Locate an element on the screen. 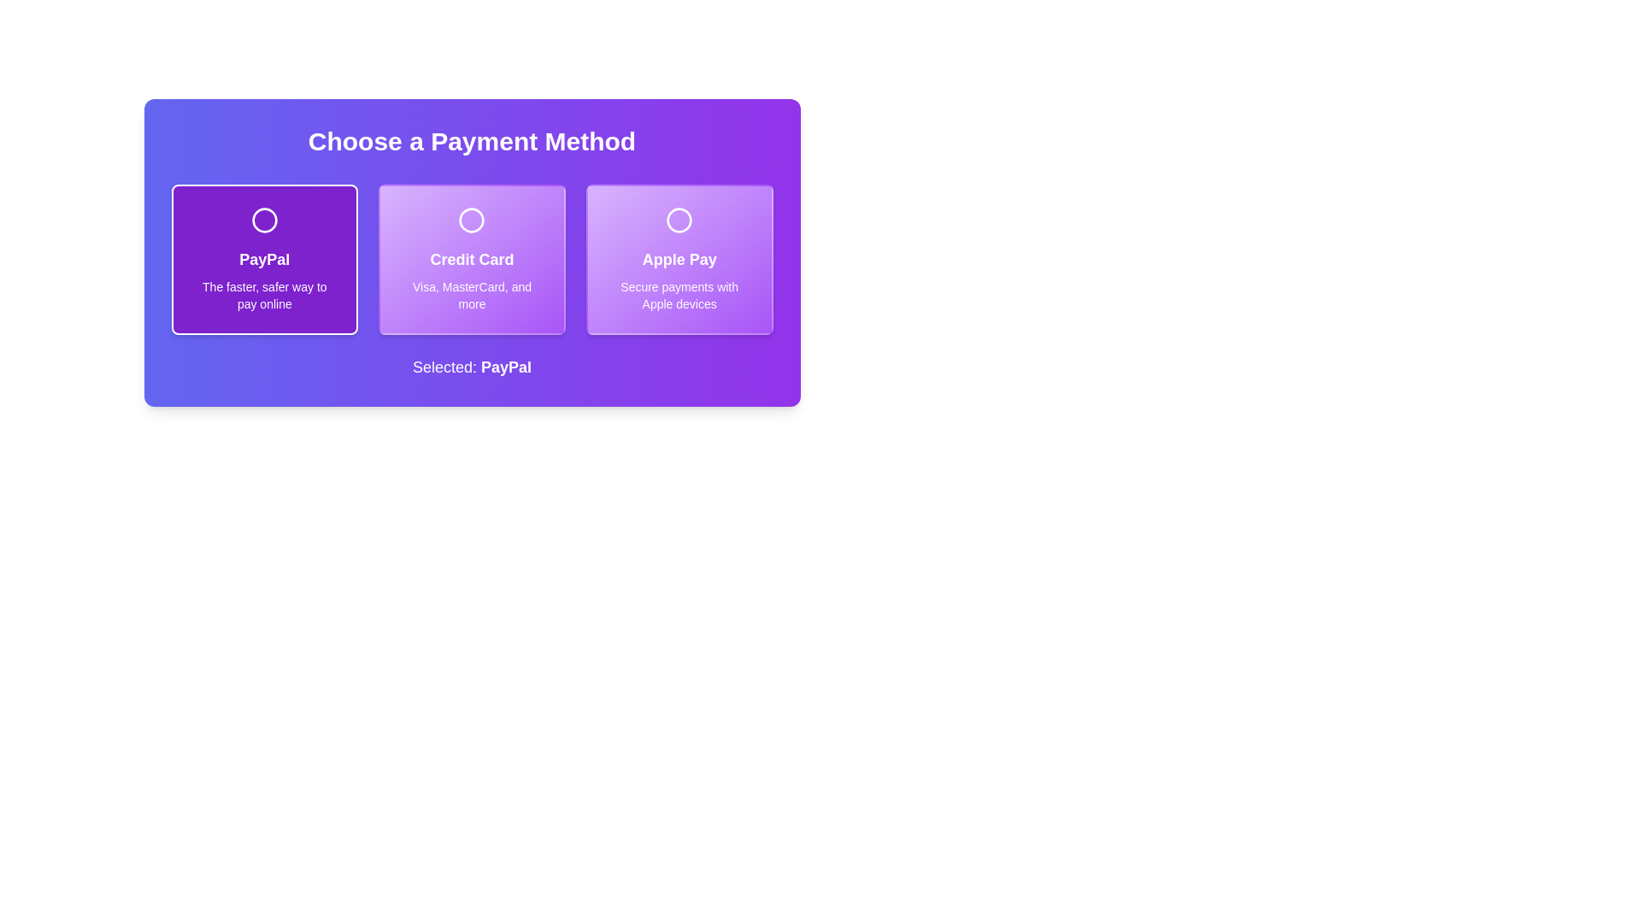 The image size is (1641, 923). the Circle graphic that represents the 'Credit Card' payment option, located in the middle card above the 'Credit Card' text is located at coordinates (472, 220).